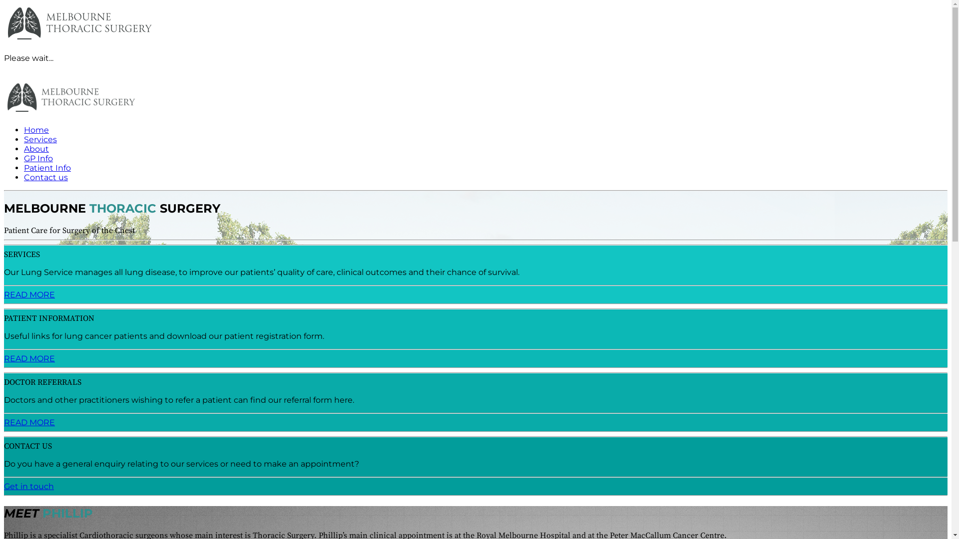 Image resolution: width=959 pixels, height=539 pixels. What do you see at coordinates (28, 486) in the screenshot?
I see `'Get in touch'` at bounding box center [28, 486].